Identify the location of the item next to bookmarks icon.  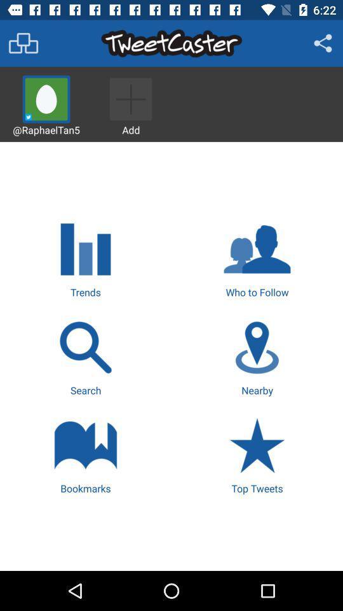
(257, 454).